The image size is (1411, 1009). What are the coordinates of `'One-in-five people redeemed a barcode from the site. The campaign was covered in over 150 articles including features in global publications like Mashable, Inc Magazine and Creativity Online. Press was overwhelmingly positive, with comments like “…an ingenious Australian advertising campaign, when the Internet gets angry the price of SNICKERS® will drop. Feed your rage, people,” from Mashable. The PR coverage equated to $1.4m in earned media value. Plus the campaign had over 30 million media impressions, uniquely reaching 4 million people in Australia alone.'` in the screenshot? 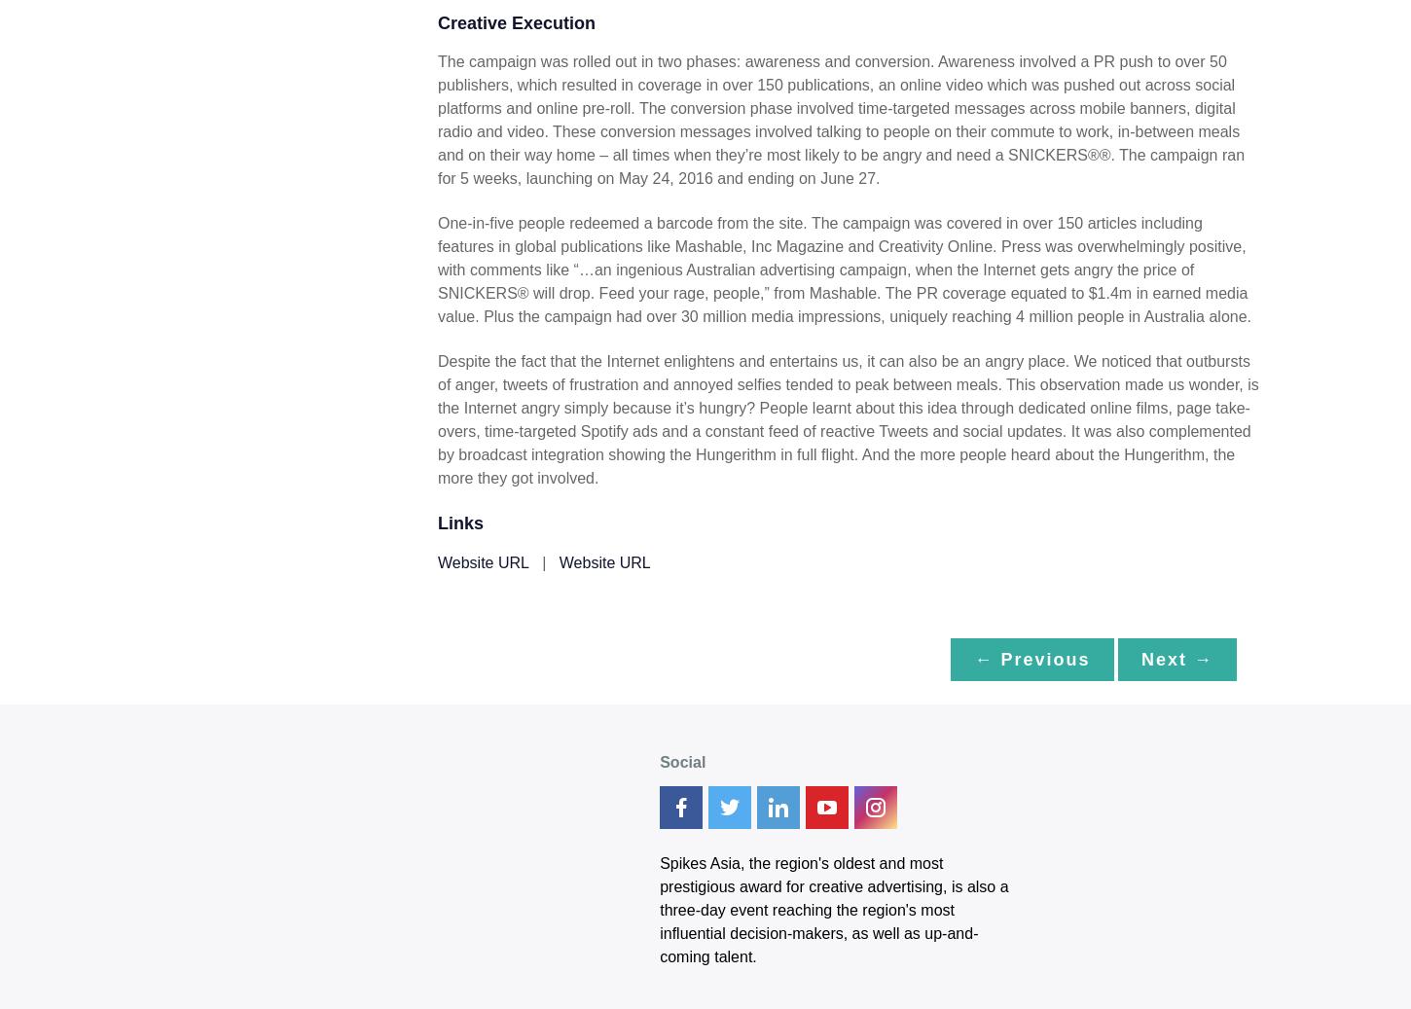 It's located at (843, 269).